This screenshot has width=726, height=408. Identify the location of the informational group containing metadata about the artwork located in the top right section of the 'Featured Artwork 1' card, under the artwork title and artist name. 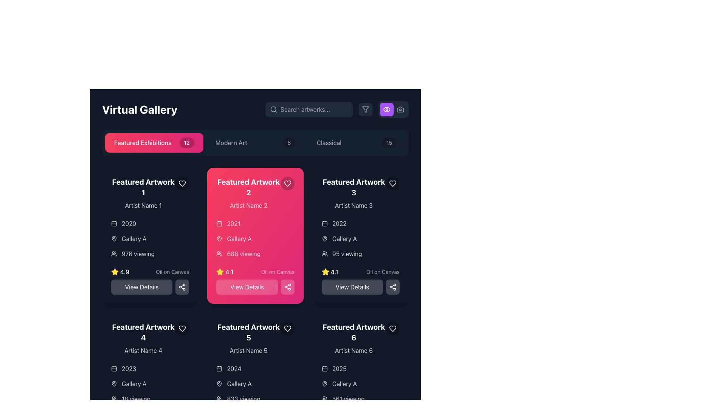
(150, 239).